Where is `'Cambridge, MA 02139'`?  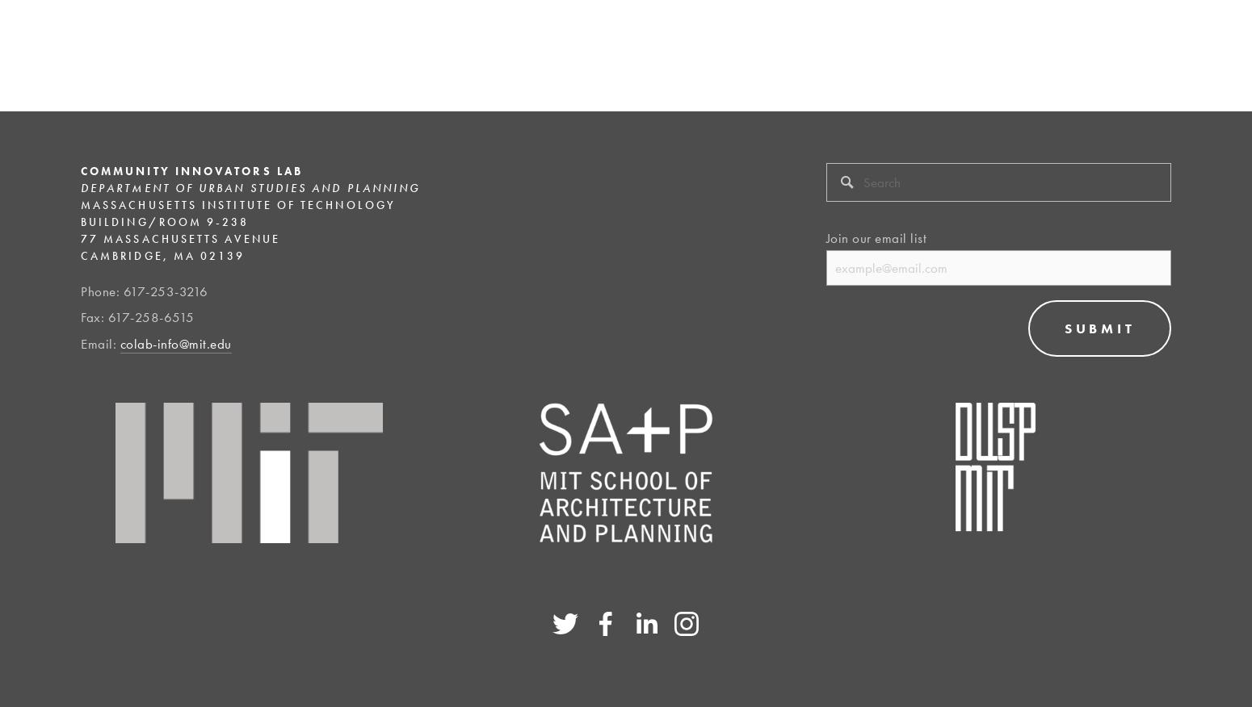 'Cambridge, MA 02139' is located at coordinates (162, 254).